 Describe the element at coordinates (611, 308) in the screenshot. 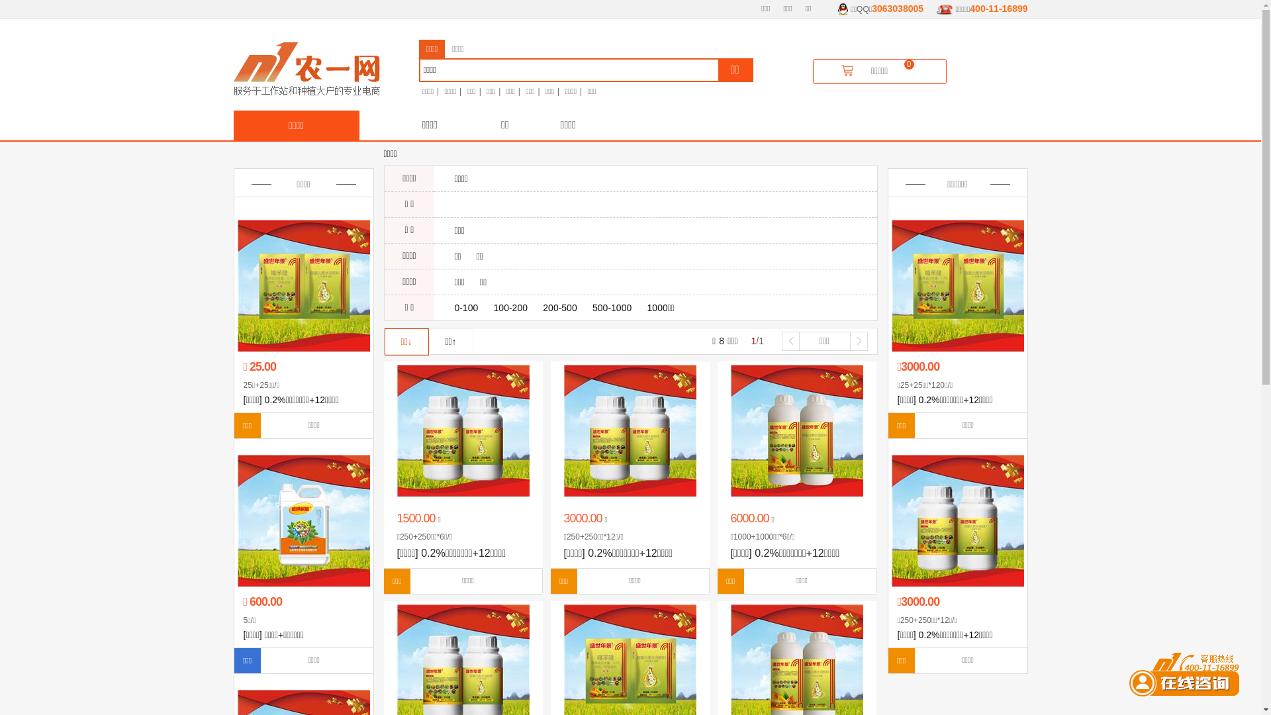

I see `'500-1000'` at that location.